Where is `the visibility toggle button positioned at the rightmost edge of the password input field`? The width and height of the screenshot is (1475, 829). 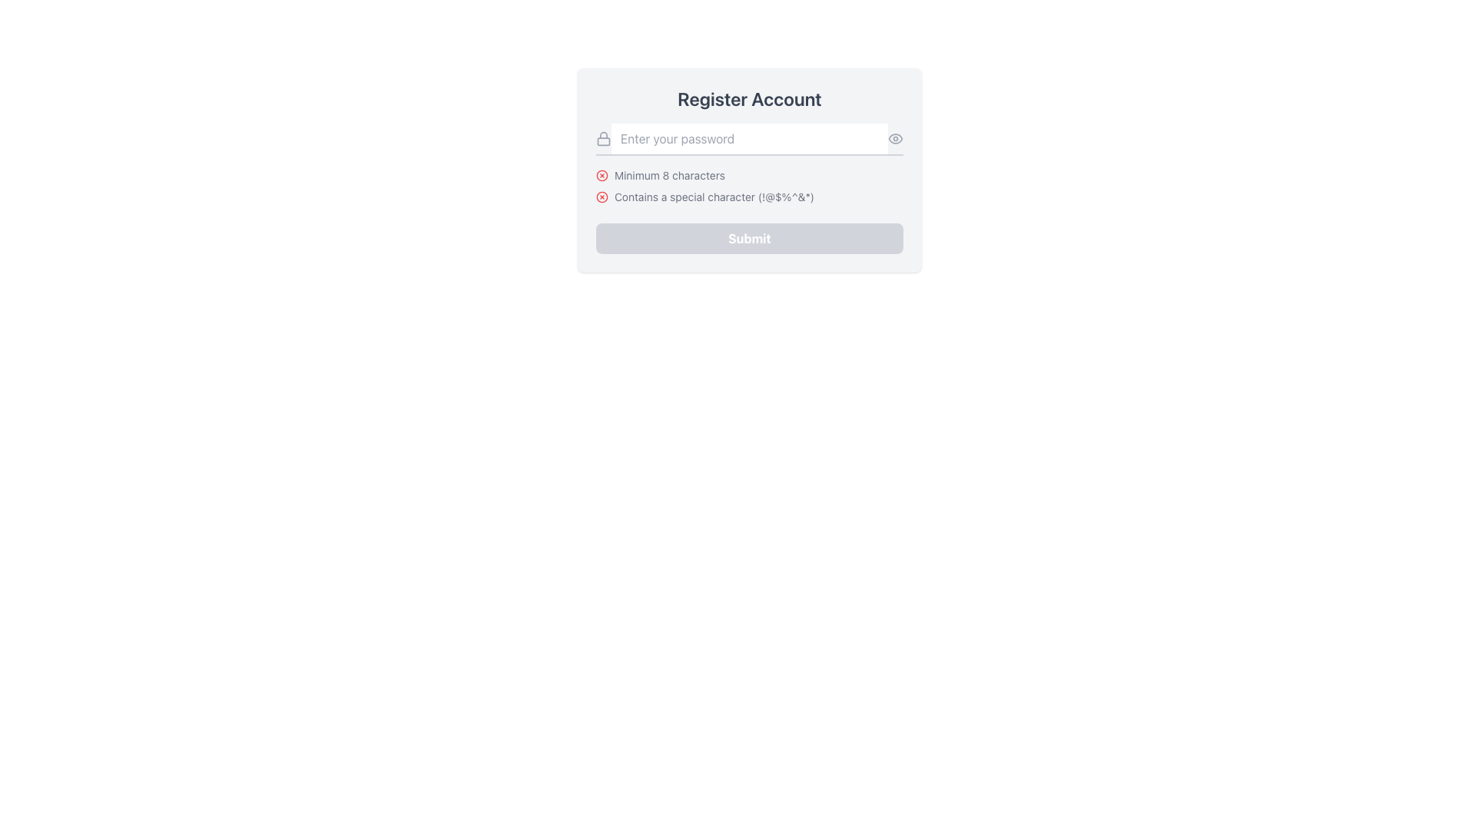 the visibility toggle button positioned at the rightmost edge of the password input field is located at coordinates (896, 139).